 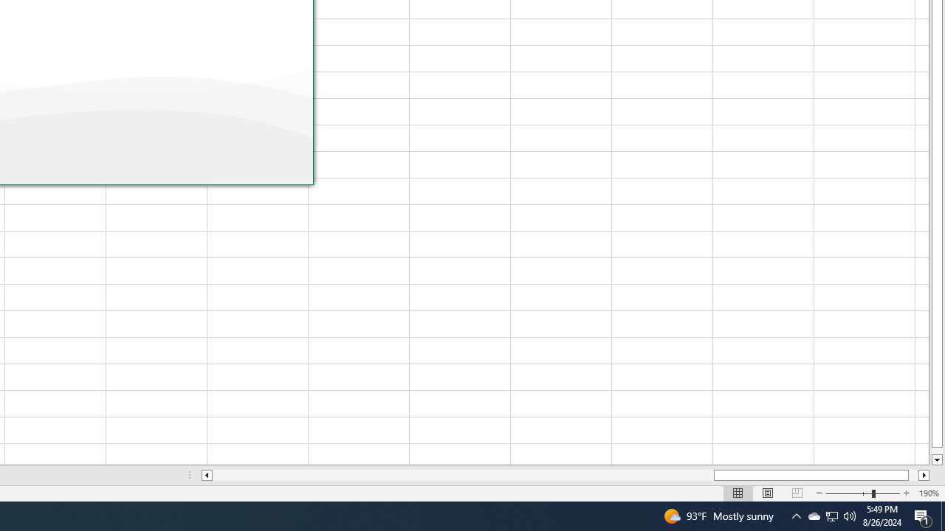 I want to click on 'Page right', so click(x=913, y=475).